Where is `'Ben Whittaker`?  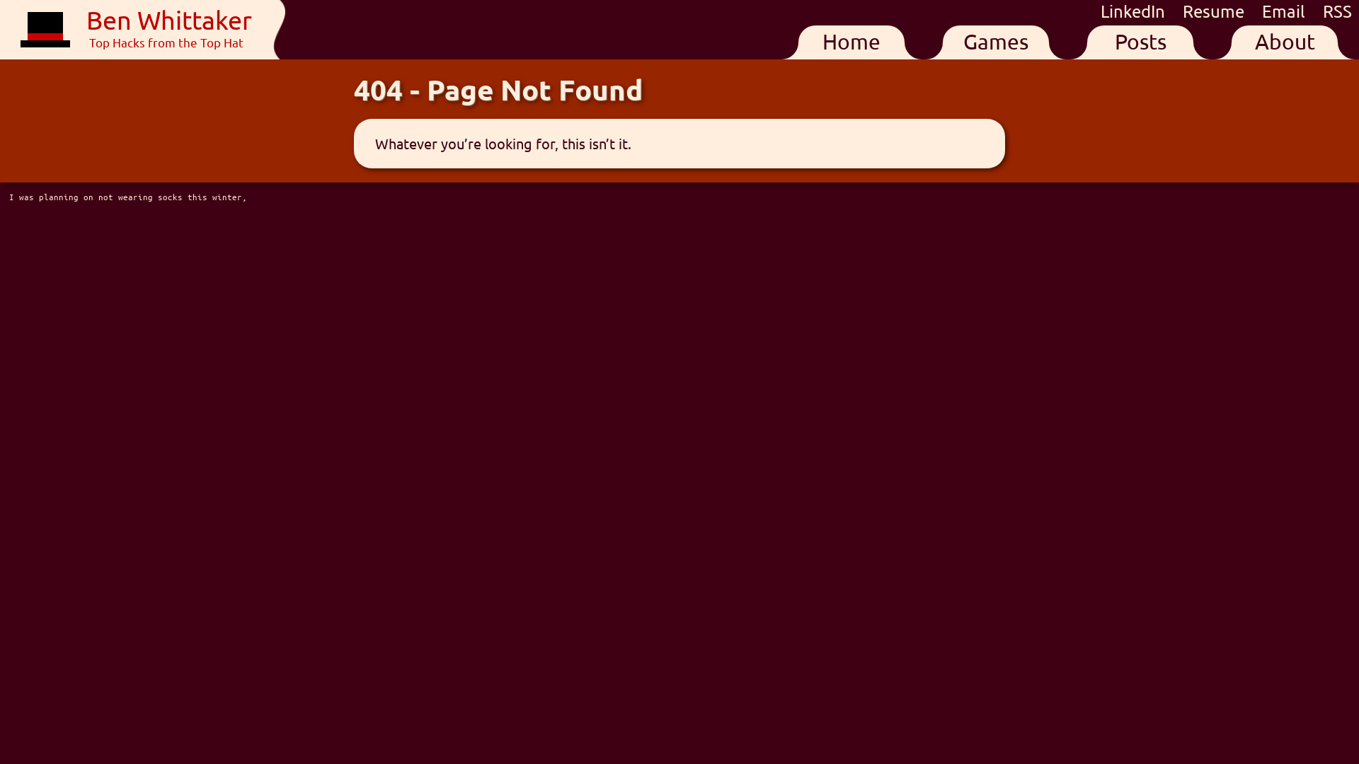 'Ben Whittaker is located at coordinates (136, 30).